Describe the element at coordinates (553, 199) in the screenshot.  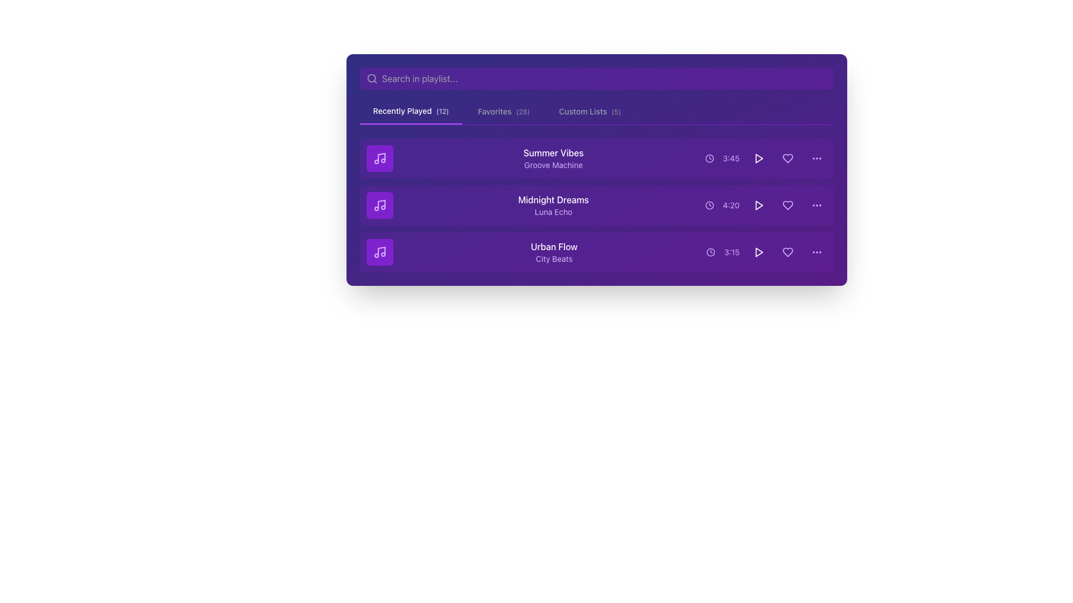
I see `the title text label for the audio or playlist item, which is located centrally within the list item, above the secondary text labeled 'Luna Echo'` at that location.